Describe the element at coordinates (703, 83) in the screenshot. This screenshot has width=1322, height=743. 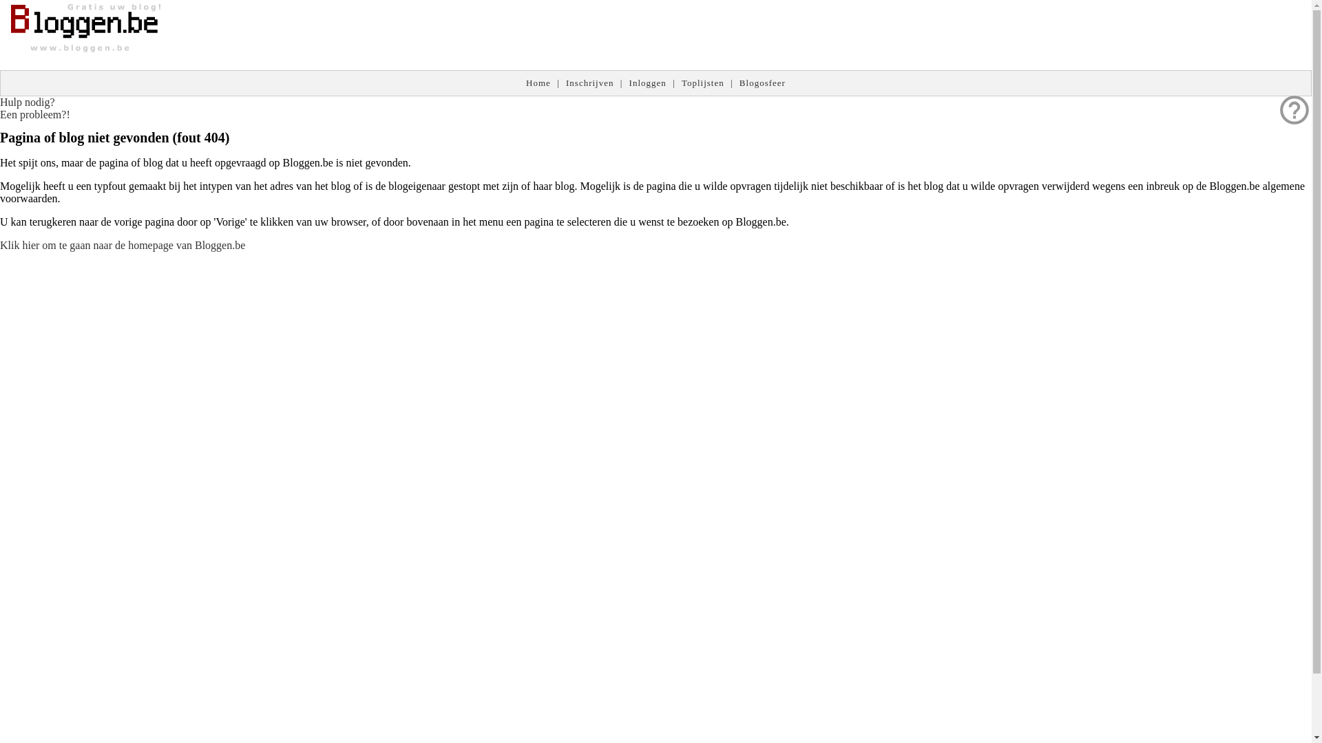
I see `'Toplijsten'` at that location.